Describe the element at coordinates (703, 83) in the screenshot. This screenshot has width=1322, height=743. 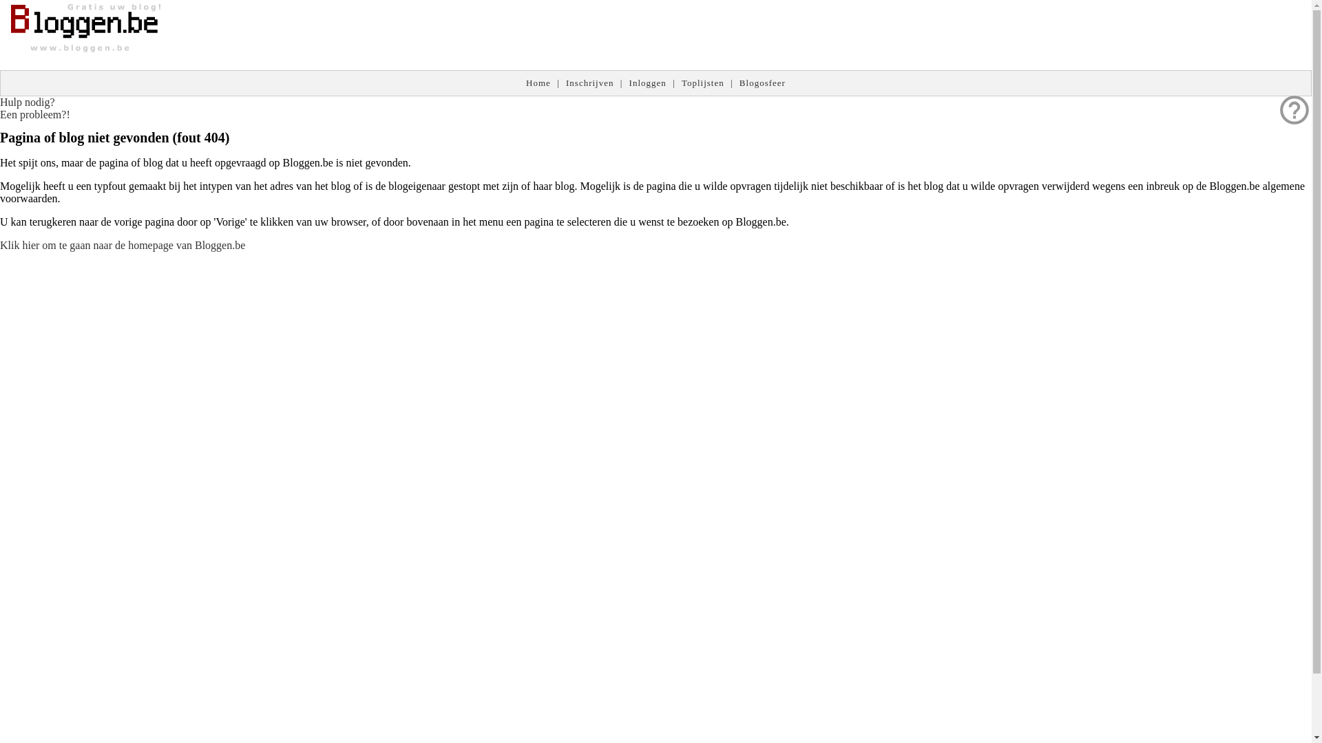
I see `'Toplijsten'` at that location.